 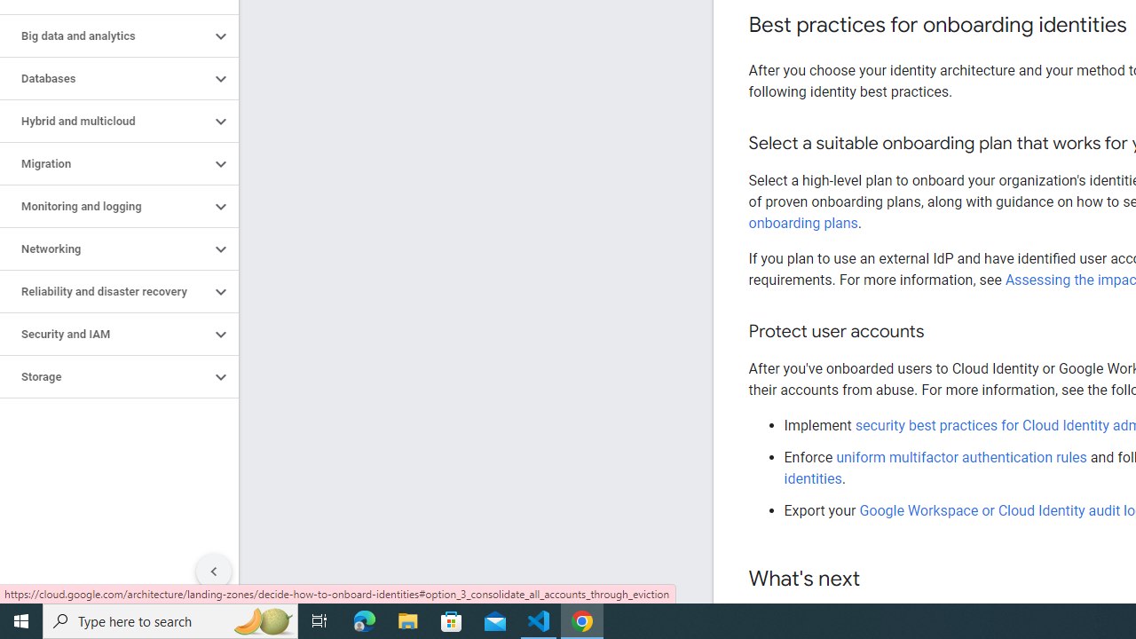 What do you see at coordinates (104, 205) in the screenshot?
I see `'Monitoring and logging'` at bounding box center [104, 205].